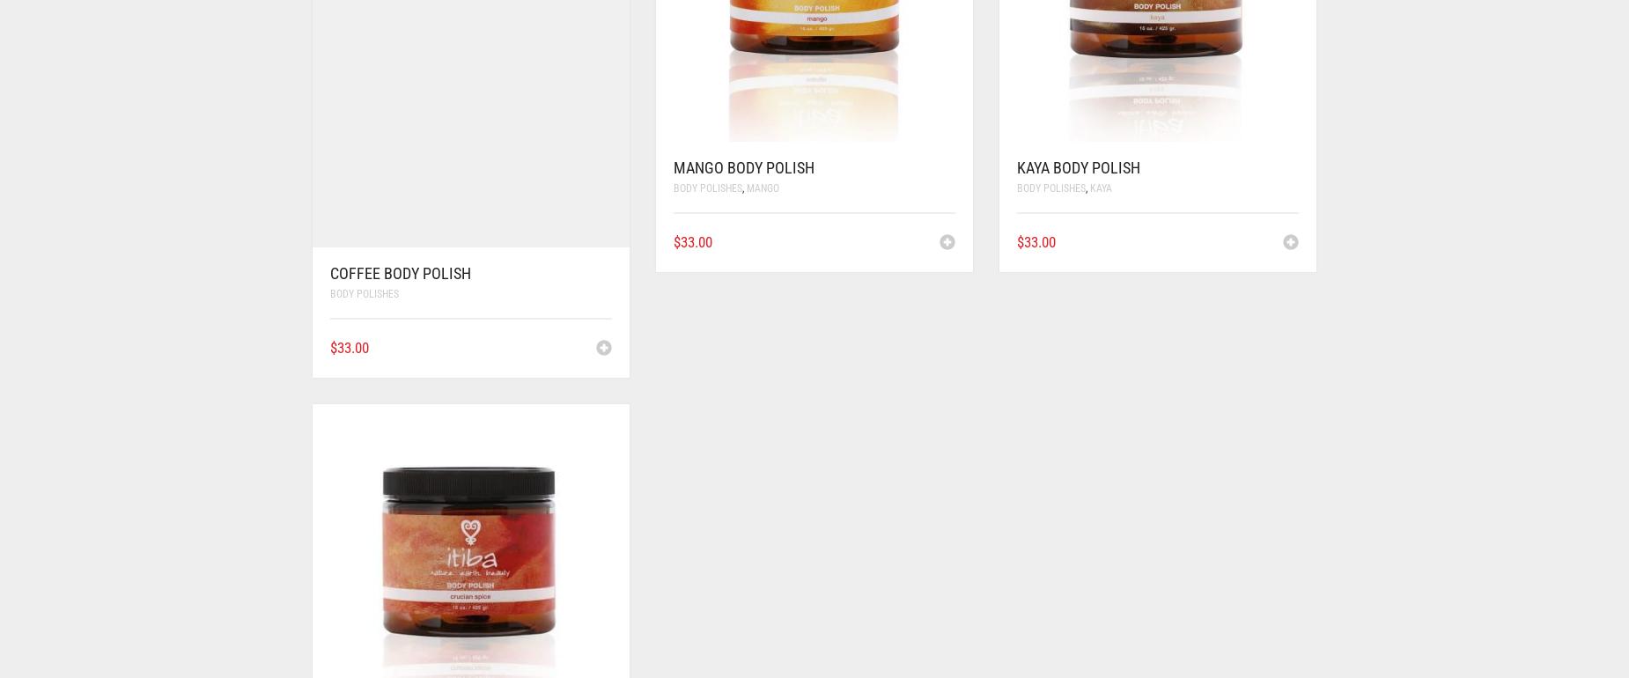 The image size is (1629, 678). I want to click on 'Kaya', so click(1100, 186).